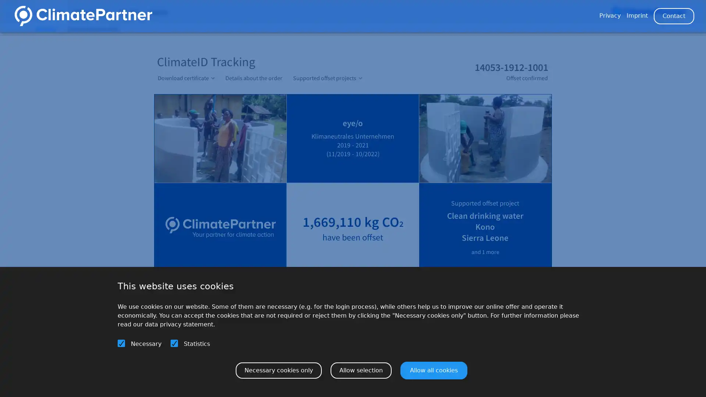 The width and height of the screenshot is (706, 397). What do you see at coordinates (434, 370) in the screenshot?
I see `Allow all cookies` at bounding box center [434, 370].